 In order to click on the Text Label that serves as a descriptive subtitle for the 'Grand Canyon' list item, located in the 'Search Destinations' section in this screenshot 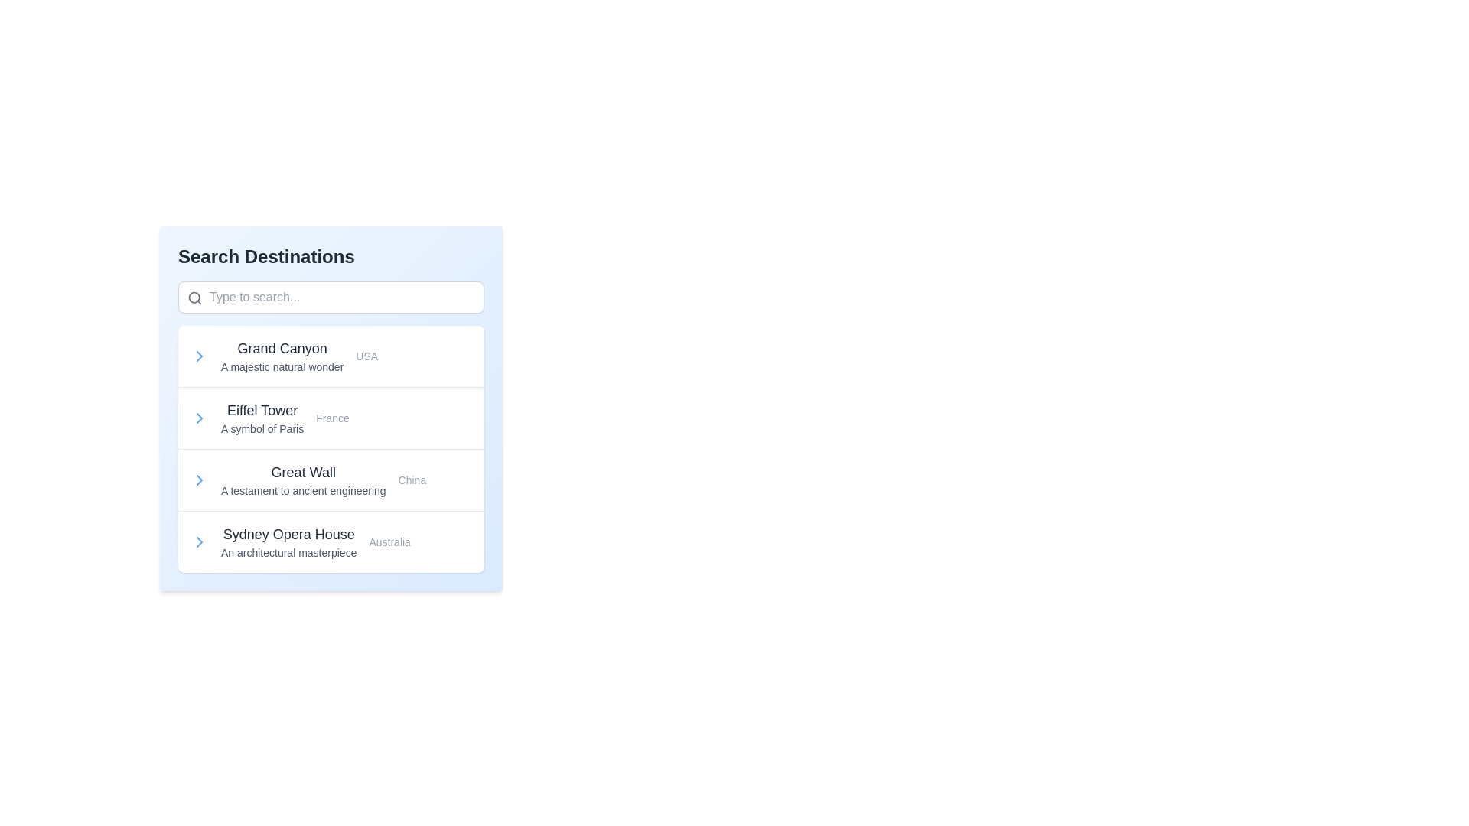, I will do `click(282, 366)`.